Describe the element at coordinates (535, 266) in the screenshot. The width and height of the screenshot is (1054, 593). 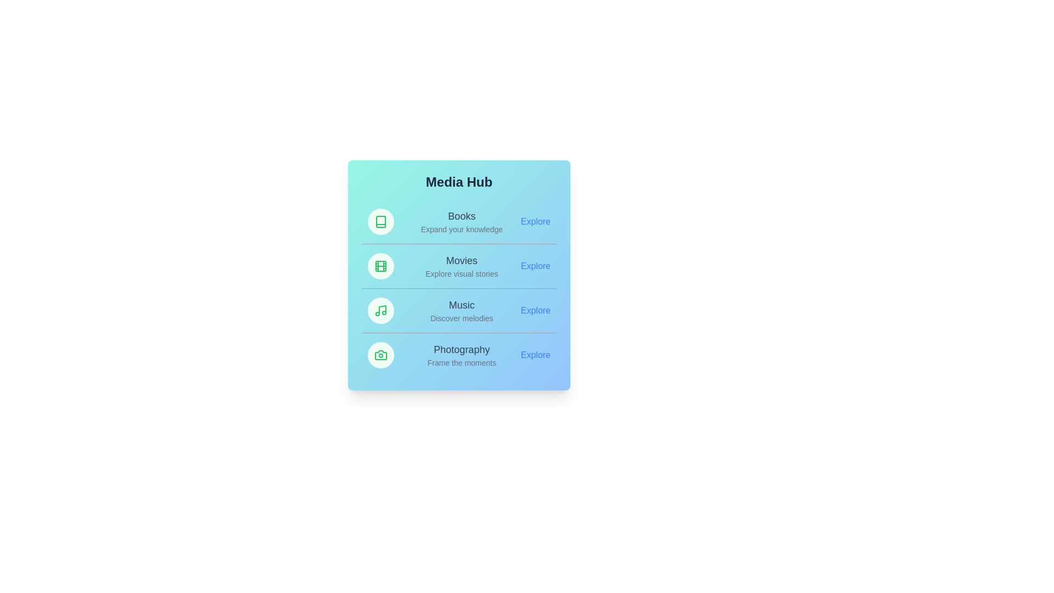
I see `the 'Explore' link for the Movies category` at that location.